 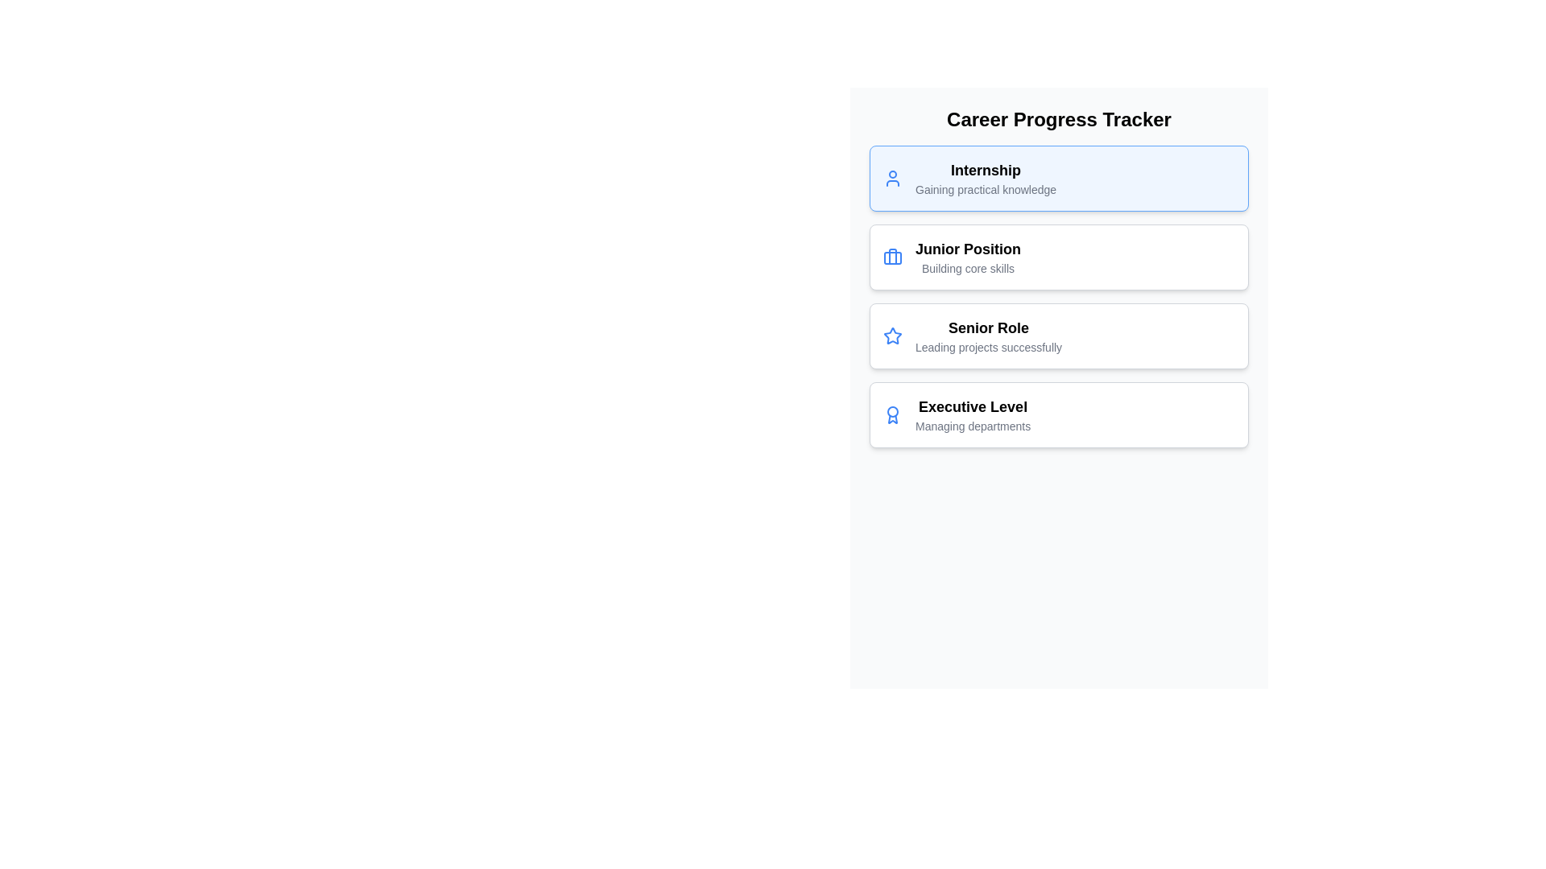 What do you see at coordinates (891, 257) in the screenshot?
I see `the 'Junior Position' icon located in the second card entry of the 'Career Progress Tracker' list` at bounding box center [891, 257].